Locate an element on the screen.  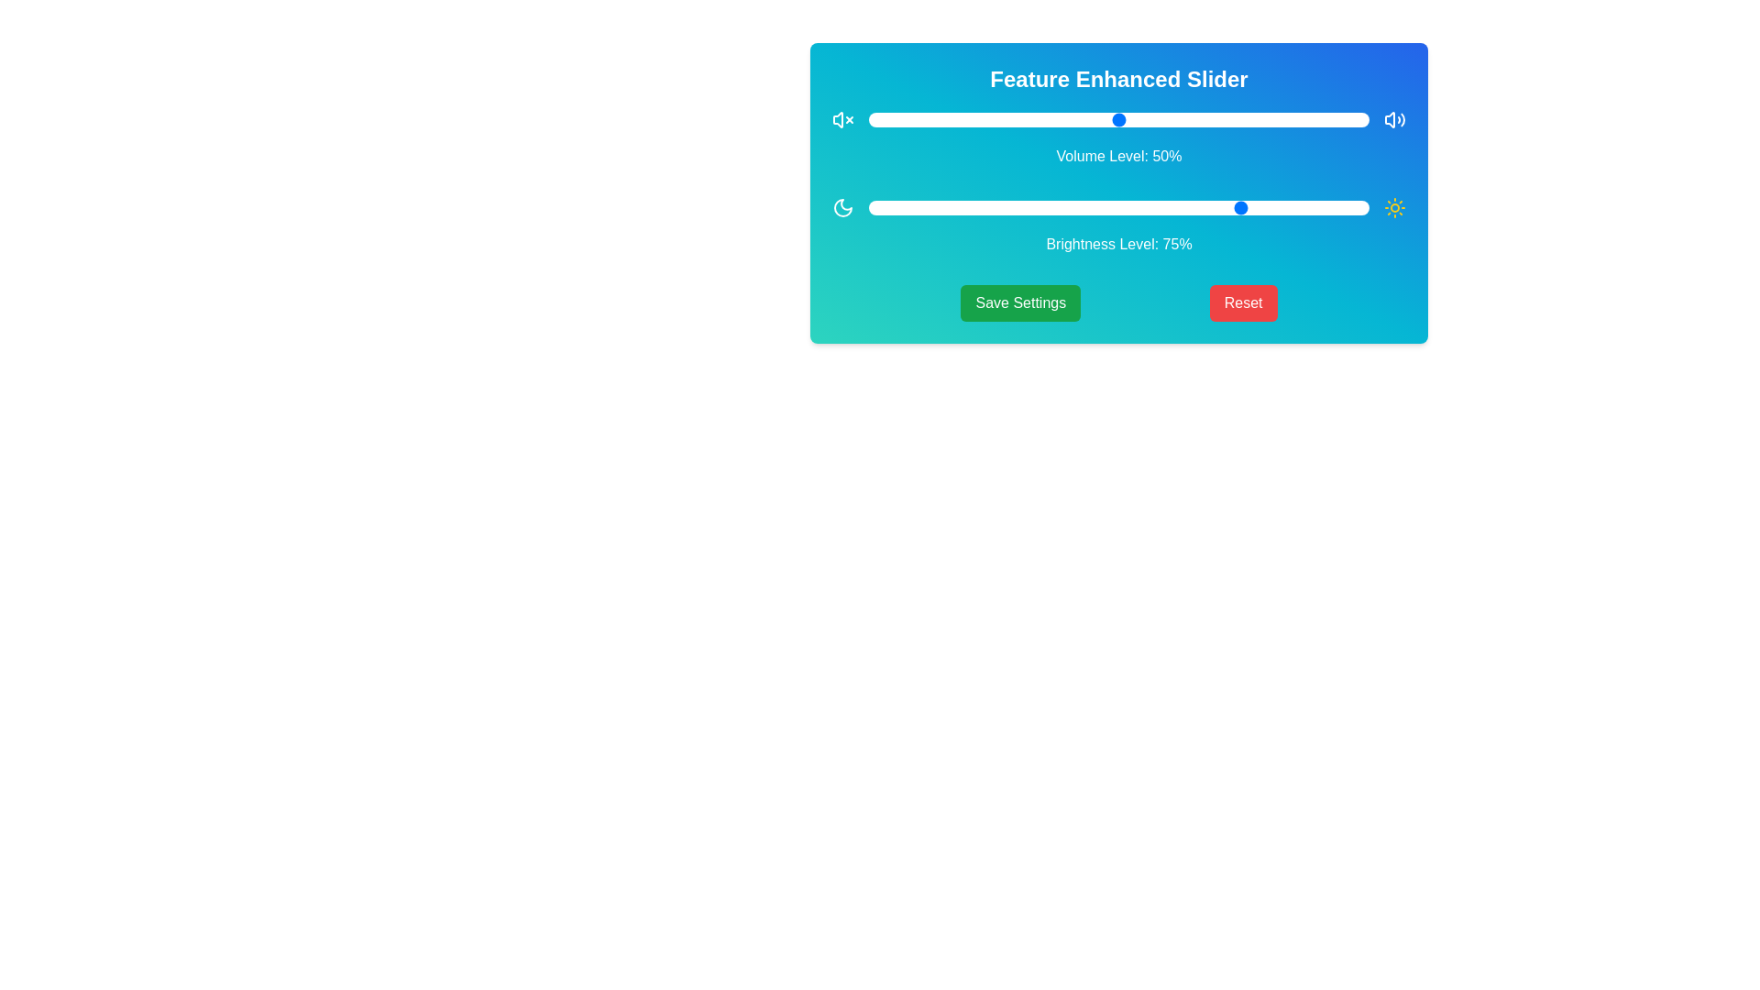
volume is located at coordinates (1083, 120).